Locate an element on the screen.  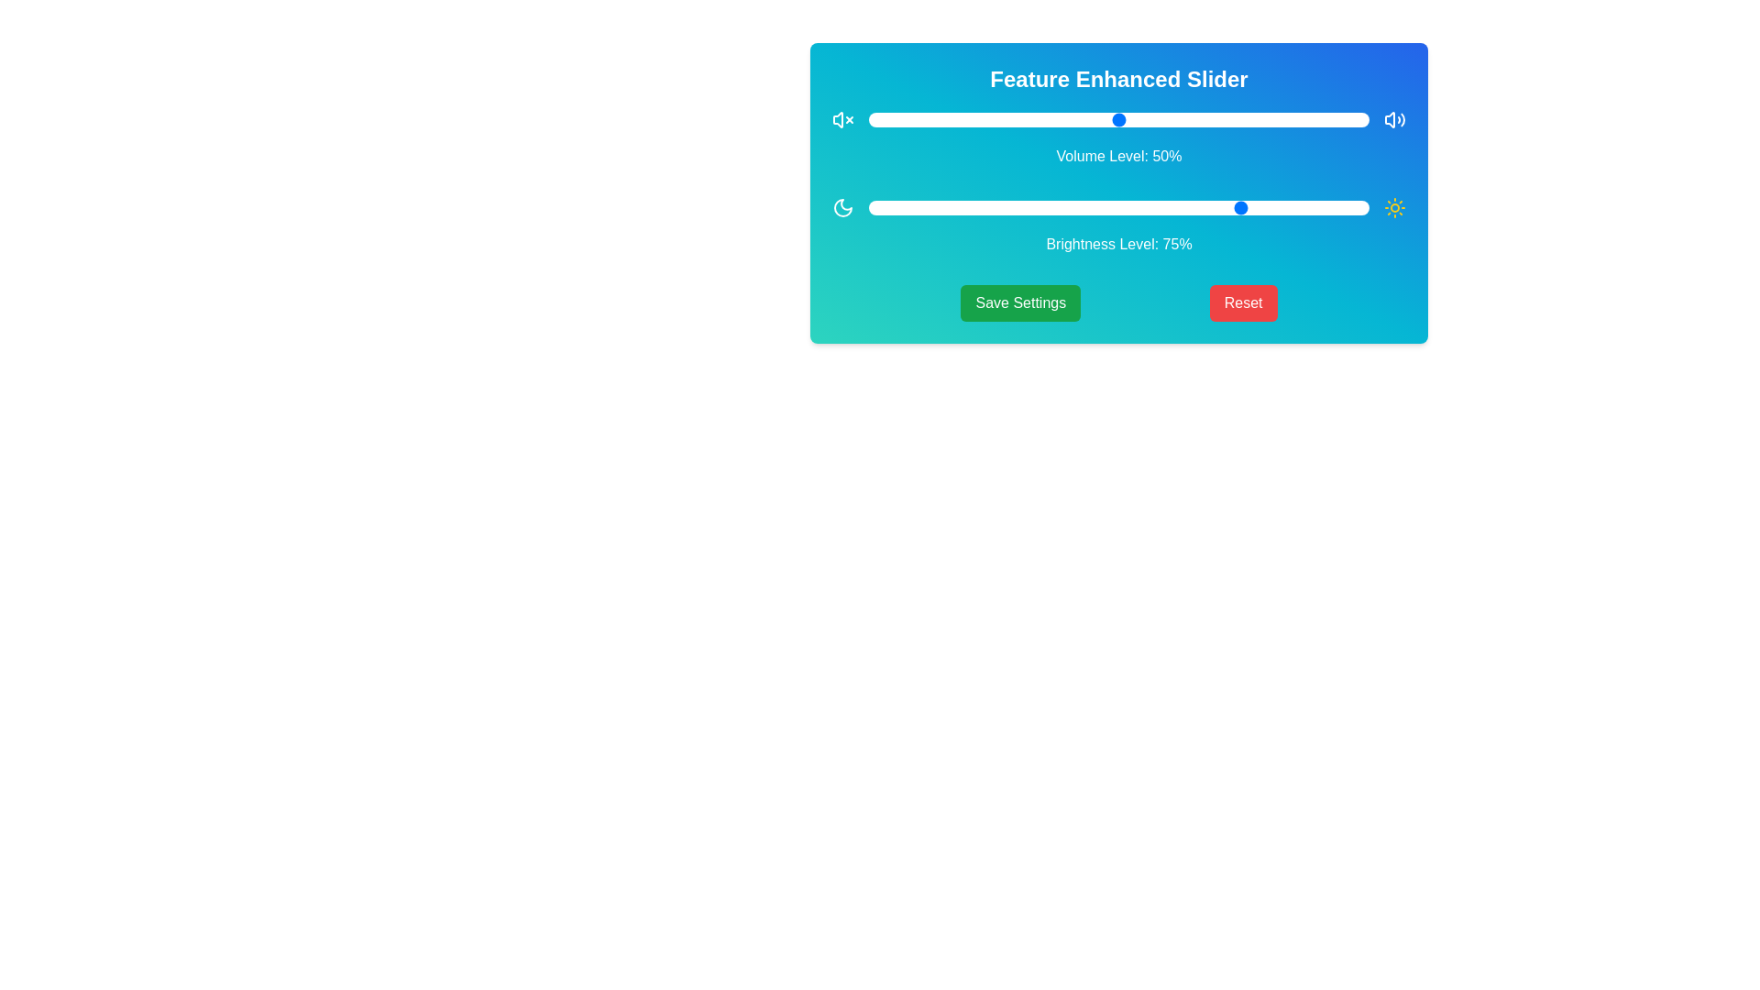
volume is located at coordinates (1083, 120).